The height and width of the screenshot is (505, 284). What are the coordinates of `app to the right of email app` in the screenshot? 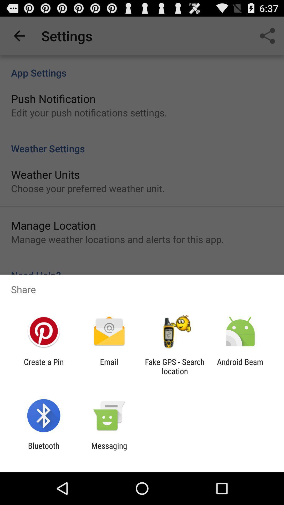 It's located at (175, 366).